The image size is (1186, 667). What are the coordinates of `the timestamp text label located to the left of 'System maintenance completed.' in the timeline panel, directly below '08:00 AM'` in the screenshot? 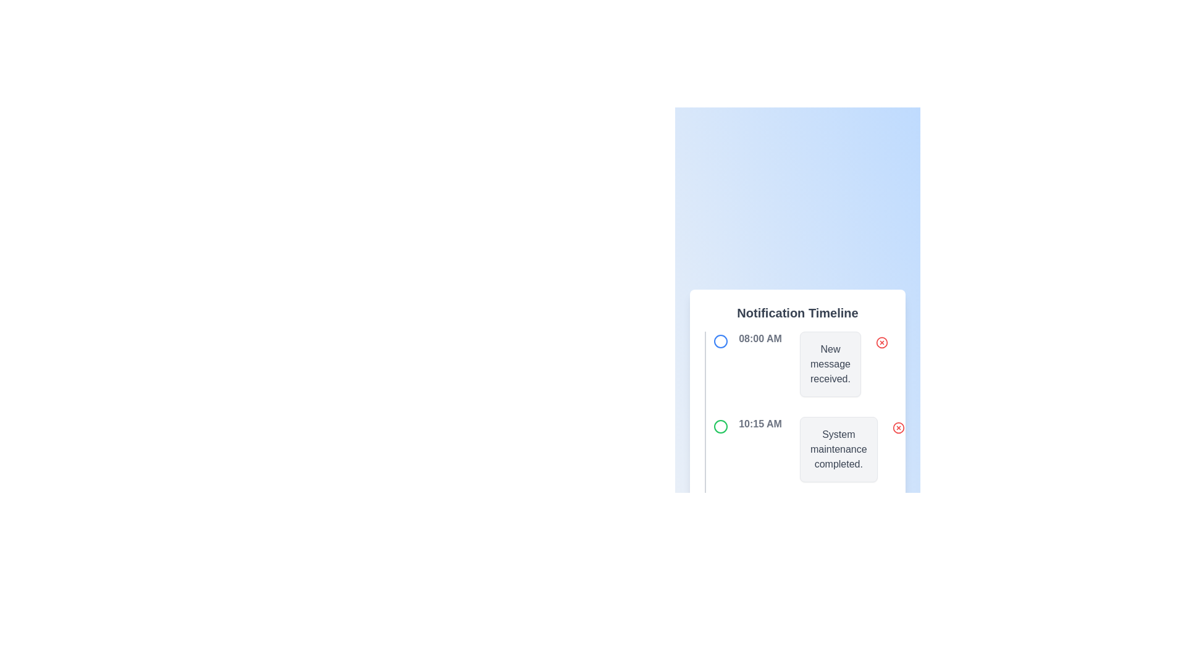 It's located at (759, 423).